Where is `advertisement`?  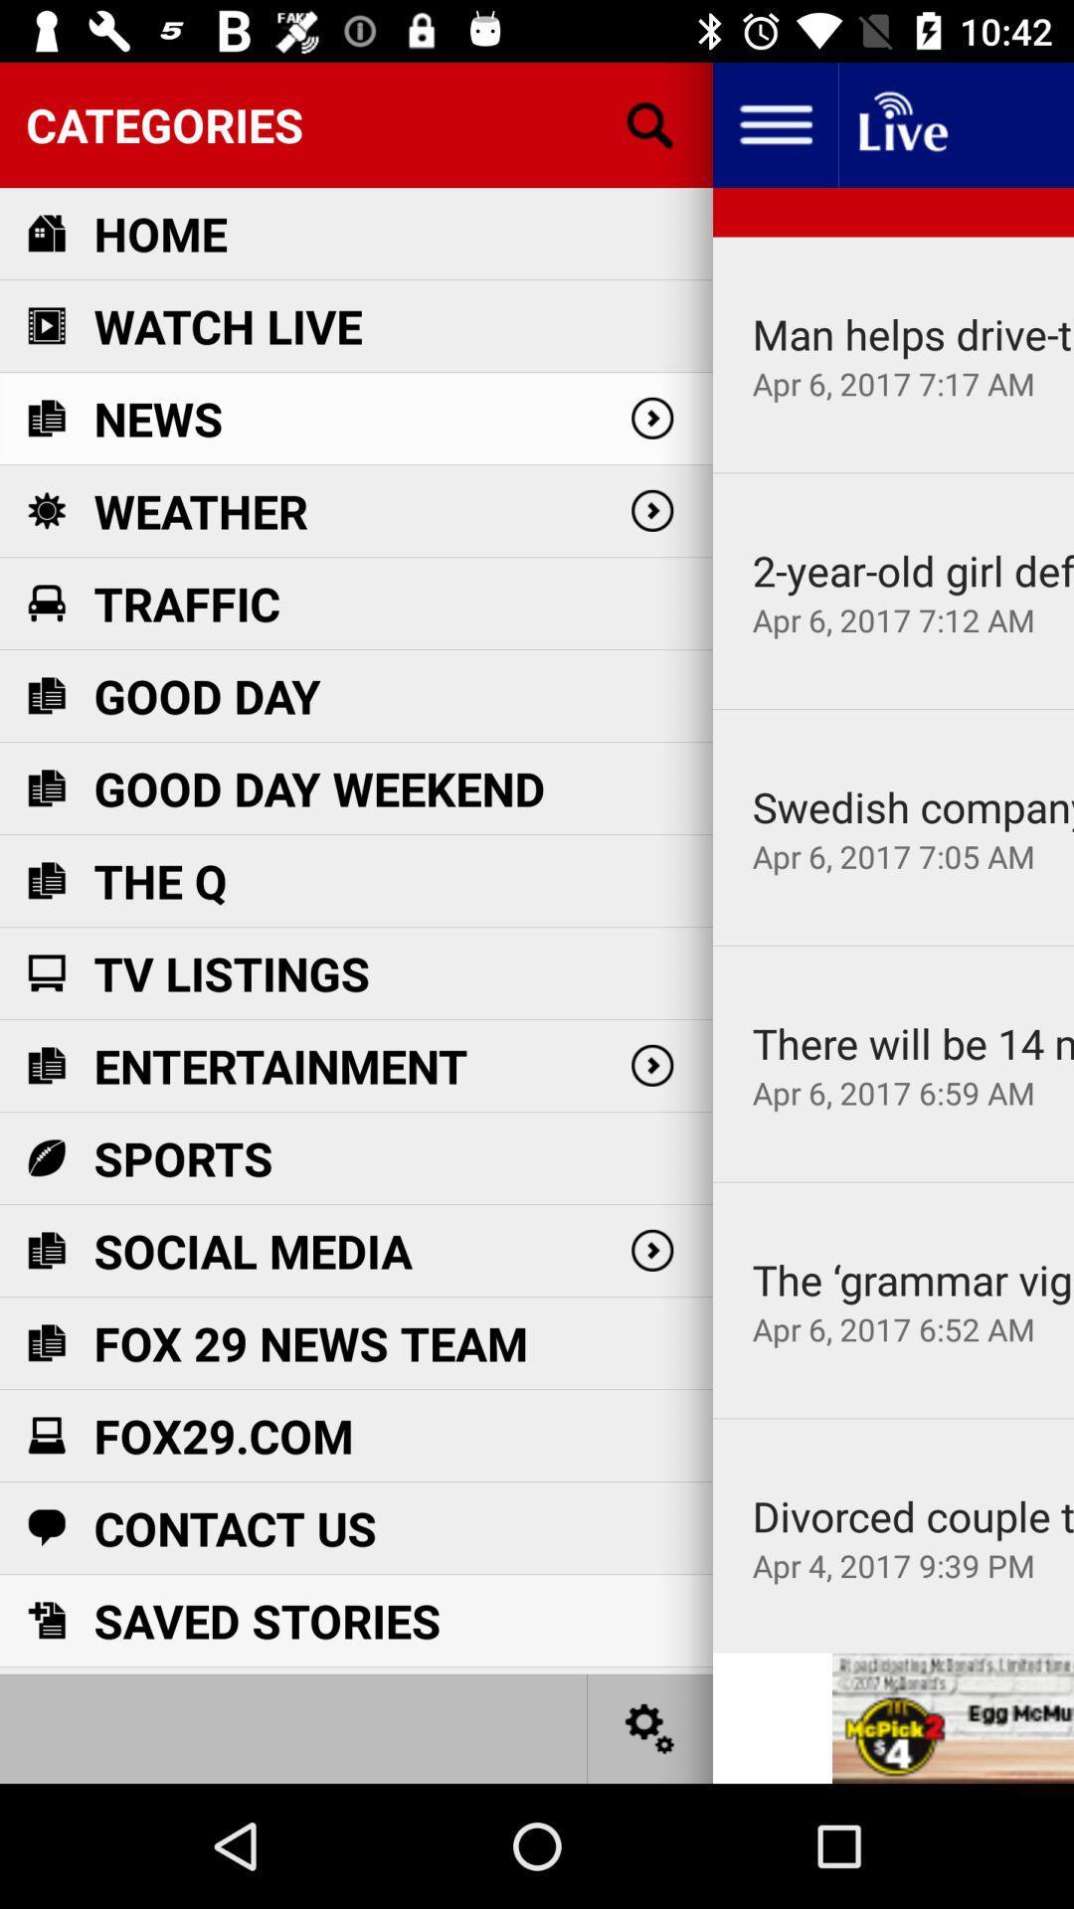
advertisement is located at coordinates (952, 1717).